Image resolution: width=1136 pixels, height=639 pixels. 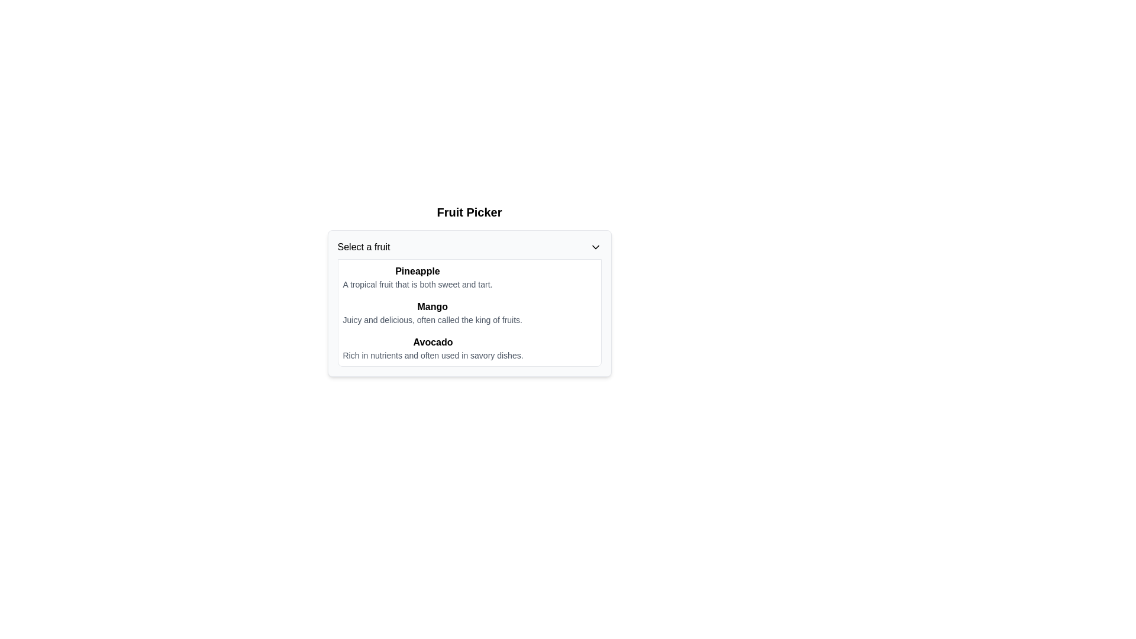 What do you see at coordinates (432, 312) in the screenshot?
I see `text item titled 'Mango' which contains the description 'Juicy and delicious, often called the king of fruits.' located in the center column under the 'Select a fruit' dropdown` at bounding box center [432, 312].